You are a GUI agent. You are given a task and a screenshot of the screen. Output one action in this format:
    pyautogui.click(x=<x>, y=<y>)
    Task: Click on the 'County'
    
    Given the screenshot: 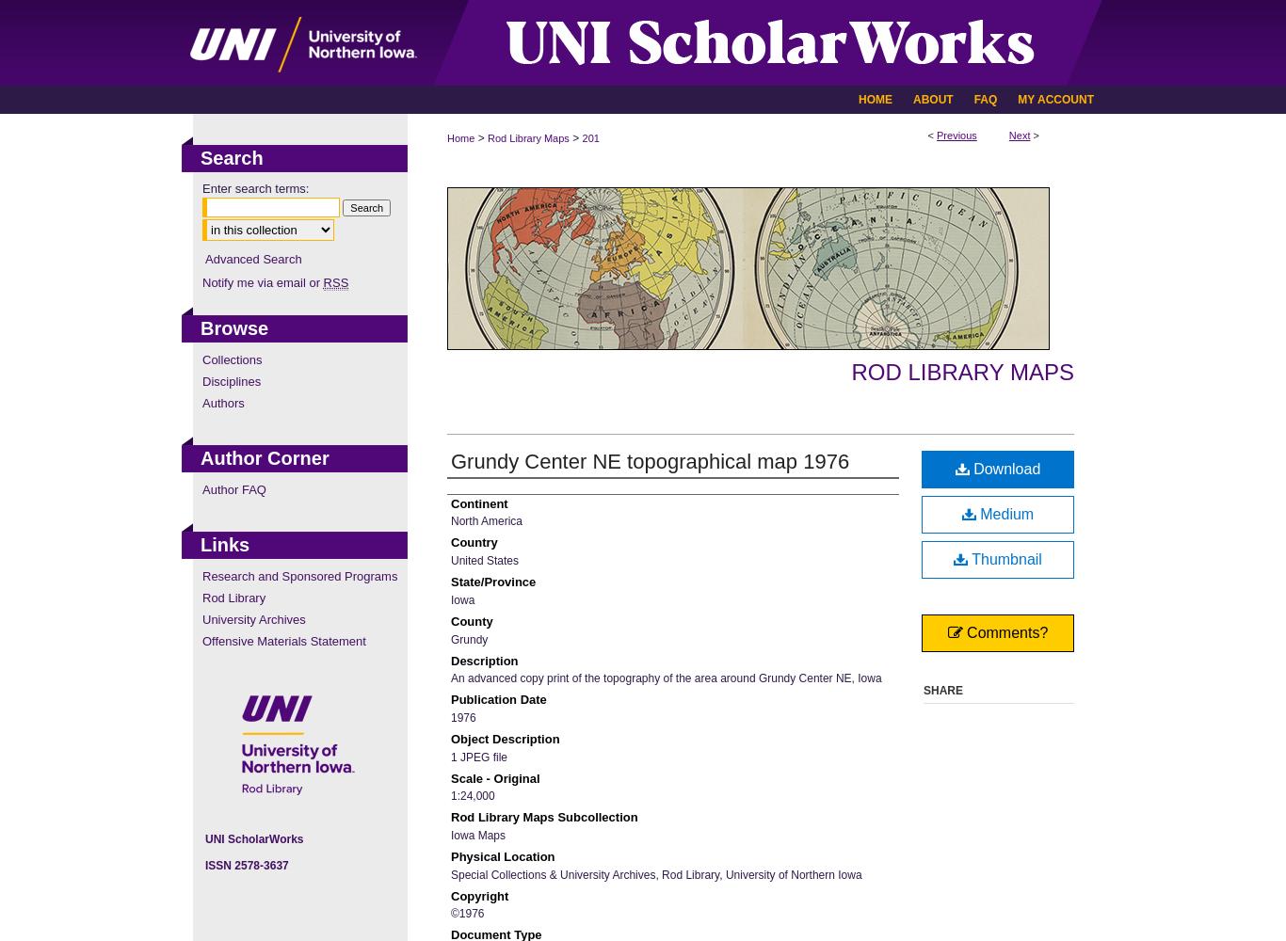 What is the action you would take?
    pyautogui.click(x=472, y=620)
    